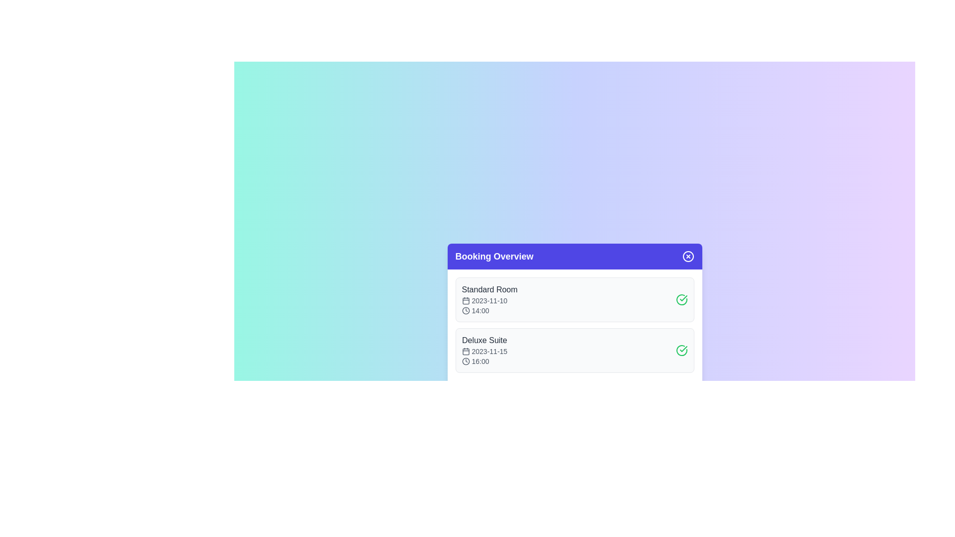 The image size is (955, 537). I want to click on the close button to close the dialog, so click(687, 256).